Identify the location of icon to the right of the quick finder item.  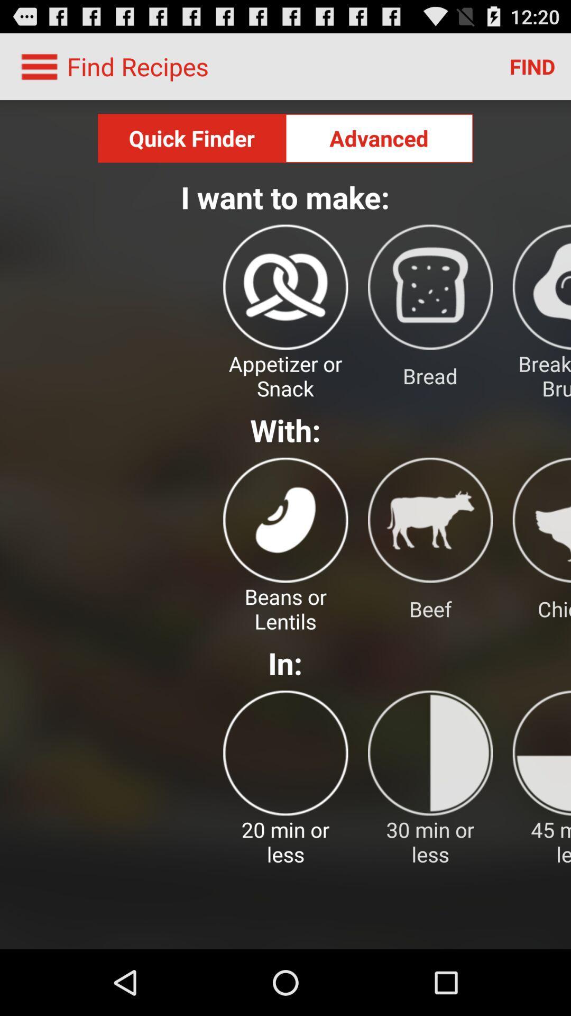
(379, 138).